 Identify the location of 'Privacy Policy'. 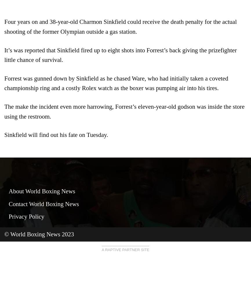
(8, 216).